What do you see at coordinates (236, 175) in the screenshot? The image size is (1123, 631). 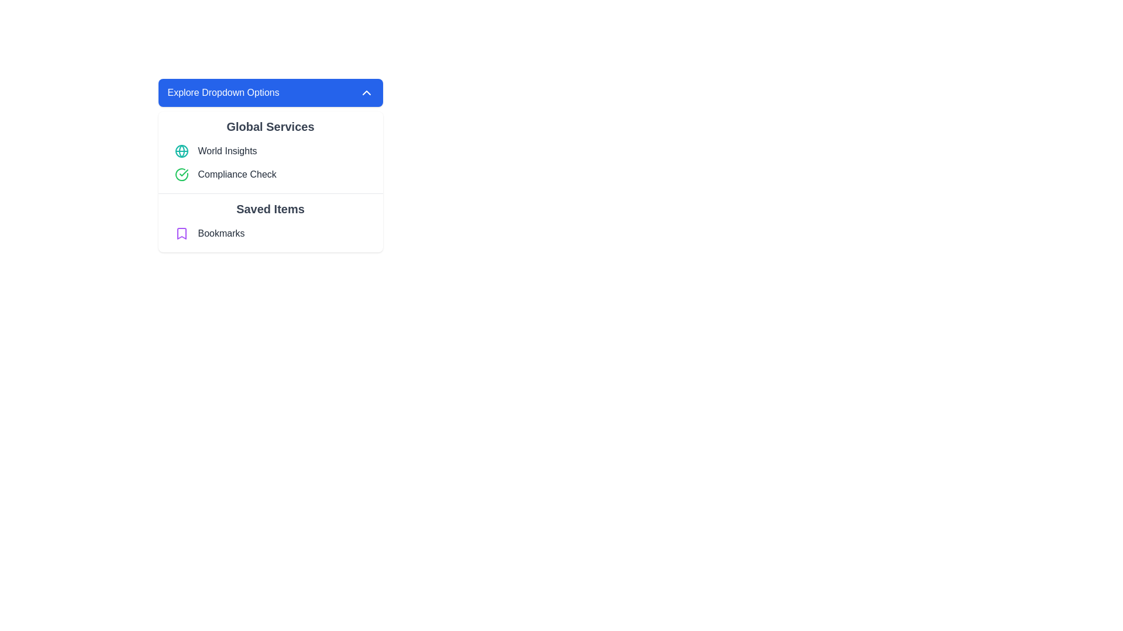 I see `the 'Compliance Check' text element, which is styled with a medium font weight and gray color, located next to a green circle check icon in the second row under the 'Global Services' heading in the dropdown menu` at bounding box center [236, 175].